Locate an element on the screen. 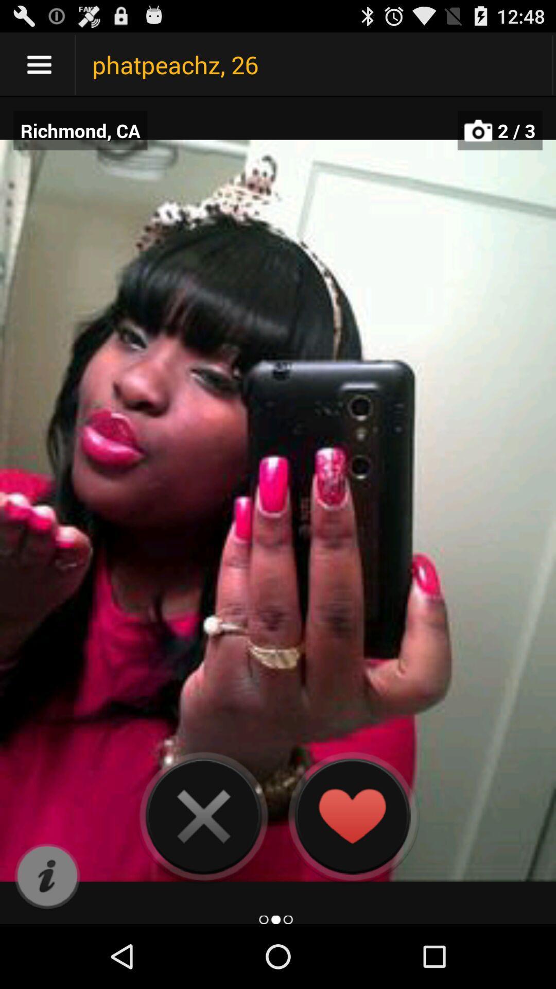 This screenshot has height=989, width=556. close is located at coordinates (203, 815).